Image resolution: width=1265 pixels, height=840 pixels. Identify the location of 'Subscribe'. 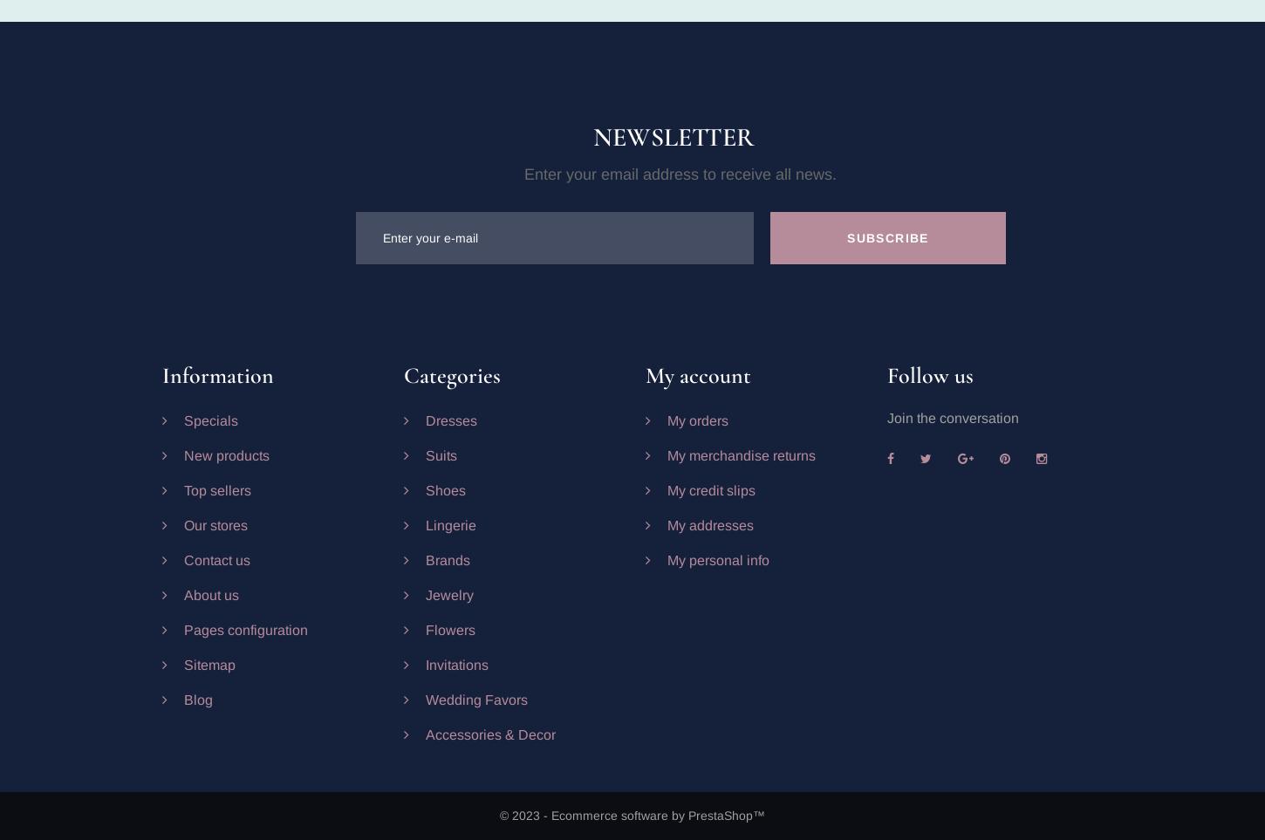
(888, 237).